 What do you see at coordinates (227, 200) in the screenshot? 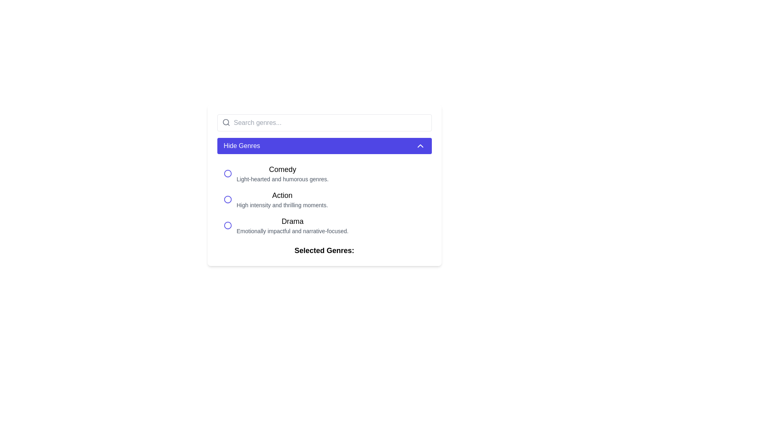
I see `the indigo circular icon with a hollow center located to the left of the text 'Action' to interact with it` at bounding box center [227, 200].